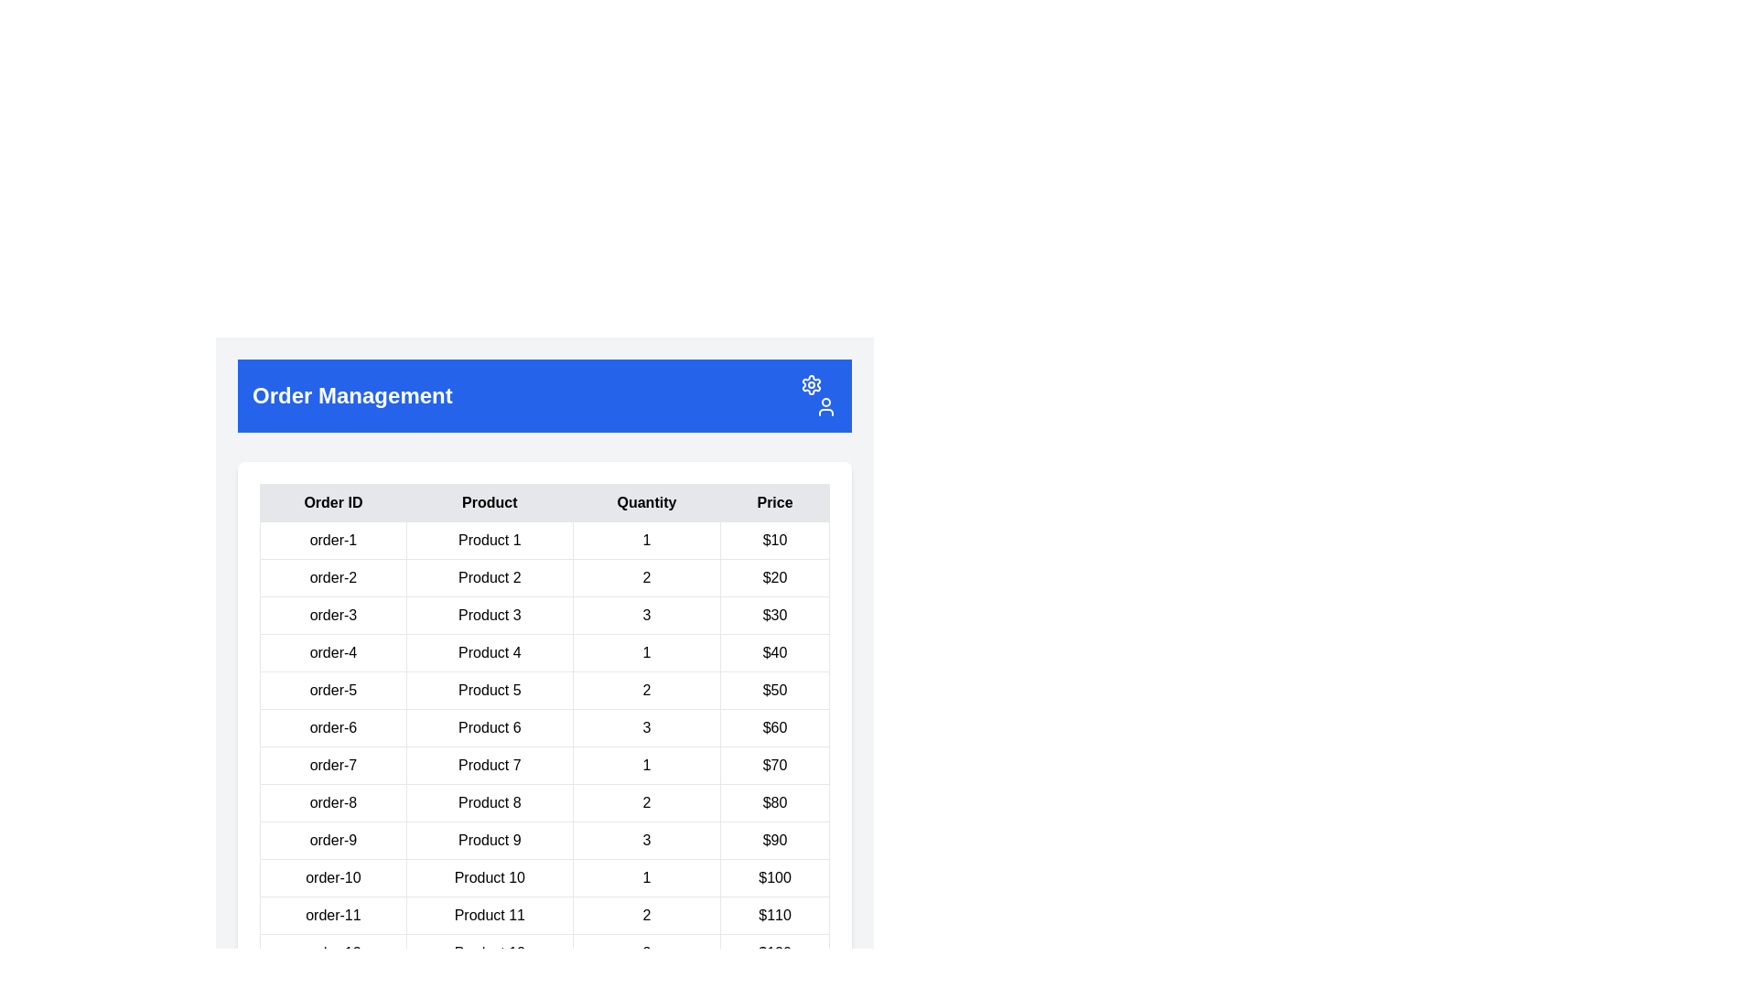  I want to click on text from the table cell in the third column of the ninth row, which contains the number '3', so click(646, 840).